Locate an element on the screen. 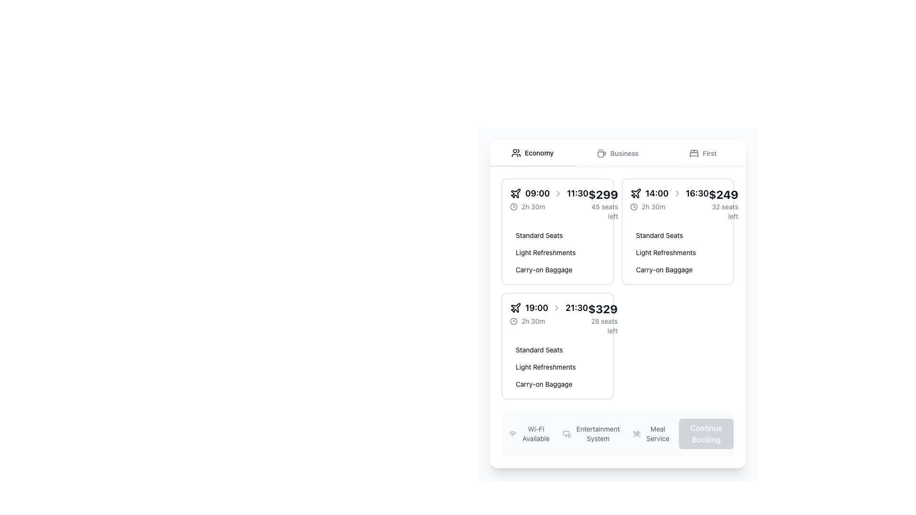 The height and width of the screenshot is (515, 916). the outer circle of the clock icon located at the top left section inside the booking card for flights is located at coordinates (634, 206).